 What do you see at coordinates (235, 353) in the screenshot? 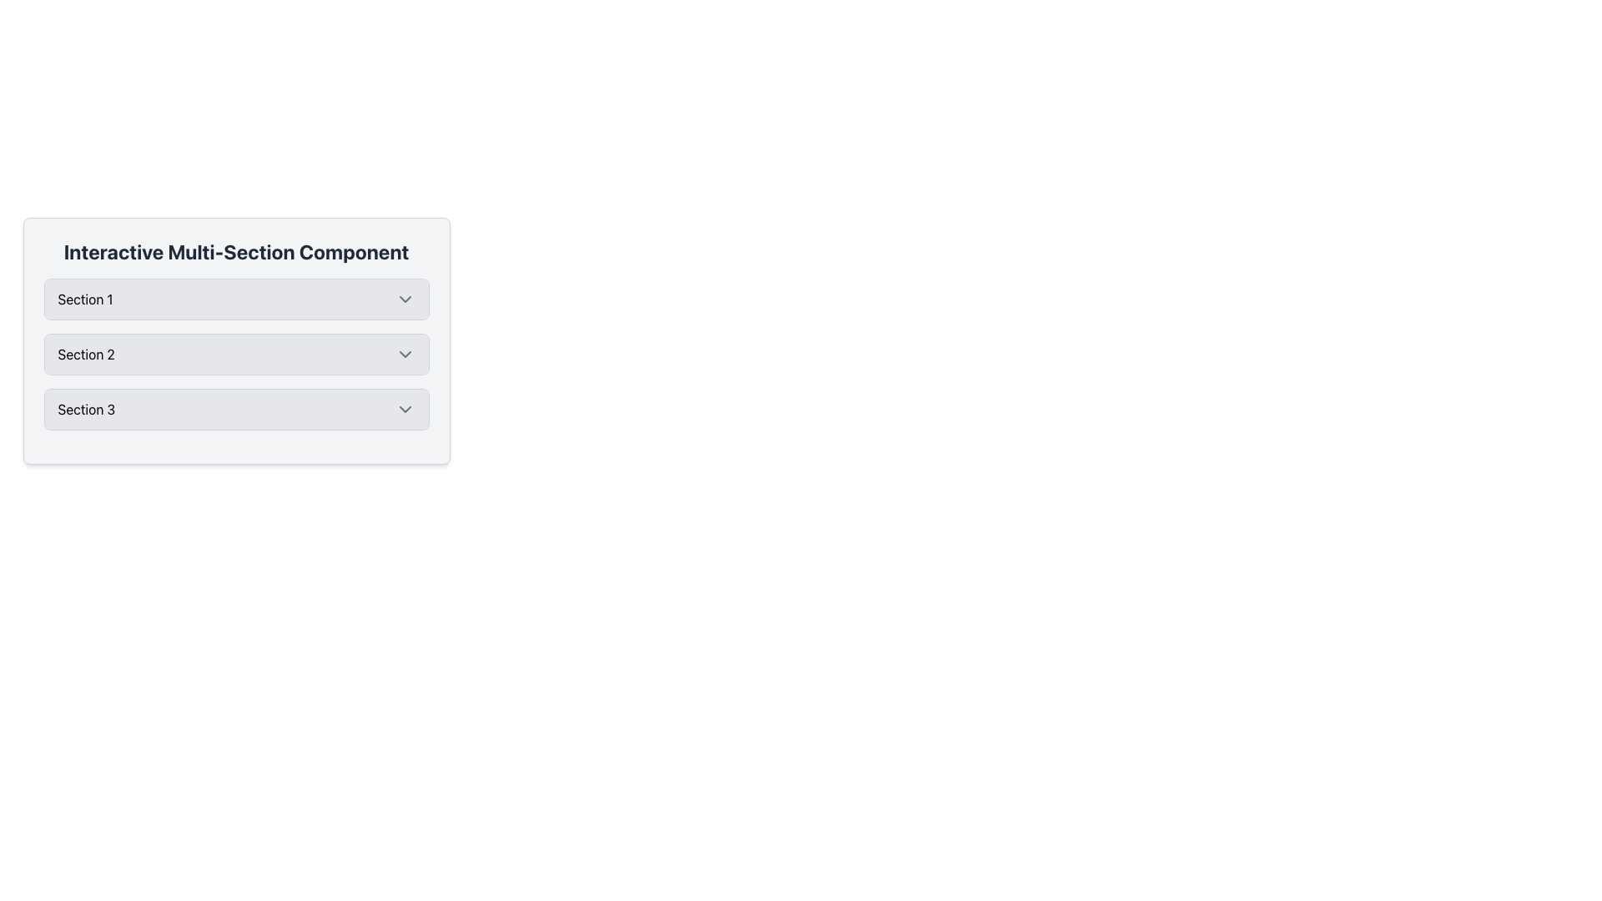
I see `and drop the Collapsible Section Header` at bounding box center [235, 353].